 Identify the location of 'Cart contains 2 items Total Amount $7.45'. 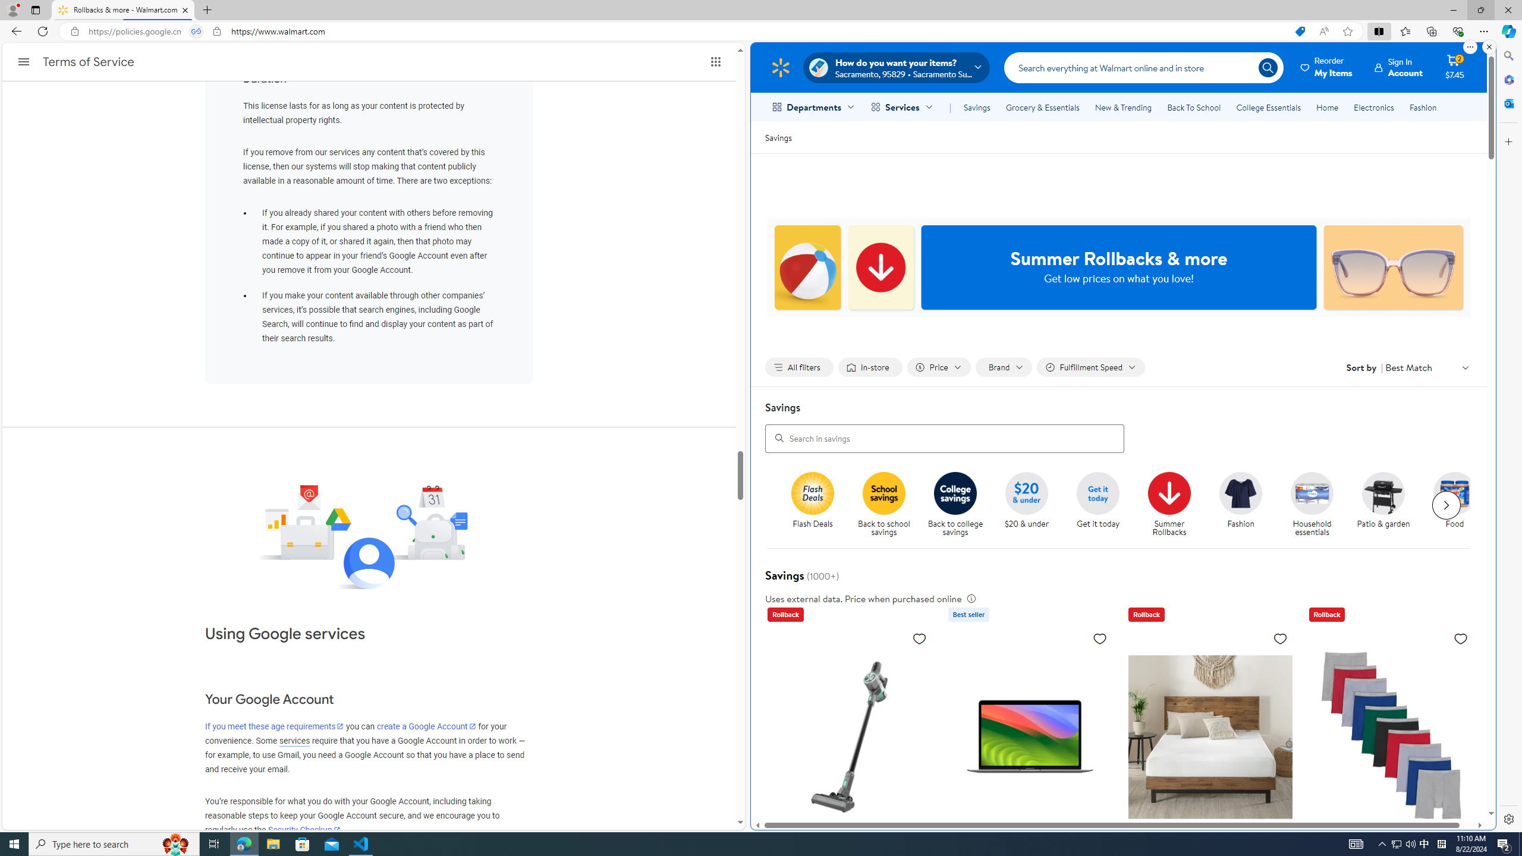
(1454, 67).